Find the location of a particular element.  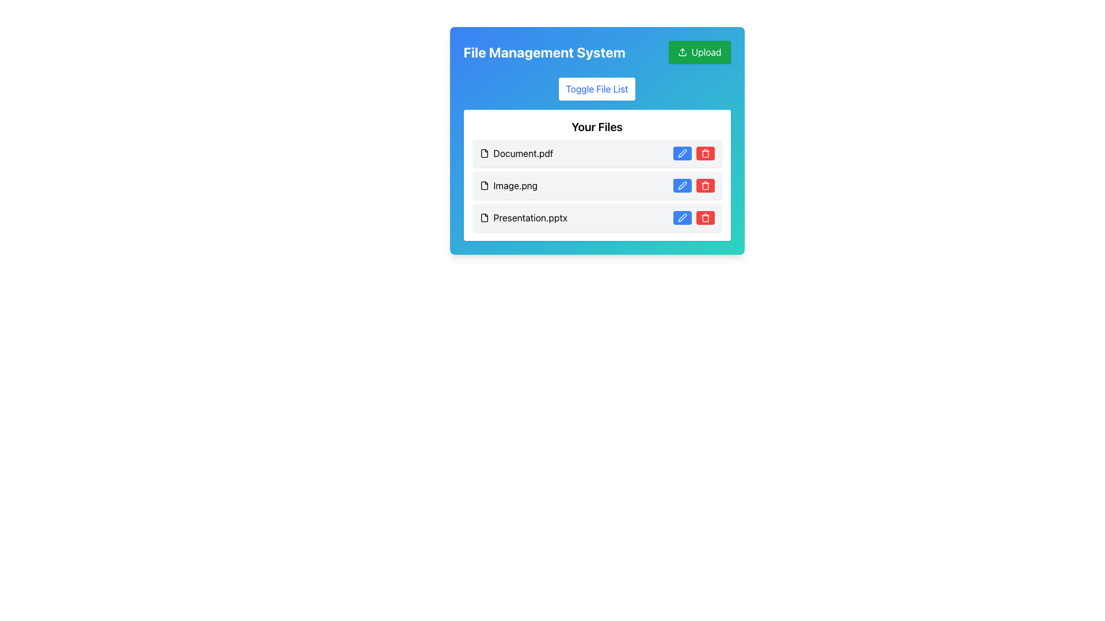

the pen-shaped edit icon located on the blue rounded button at the right end of the row for the file 'Presentation.pptx' in the 'Your Files' section is located at coordinates (682, 217).